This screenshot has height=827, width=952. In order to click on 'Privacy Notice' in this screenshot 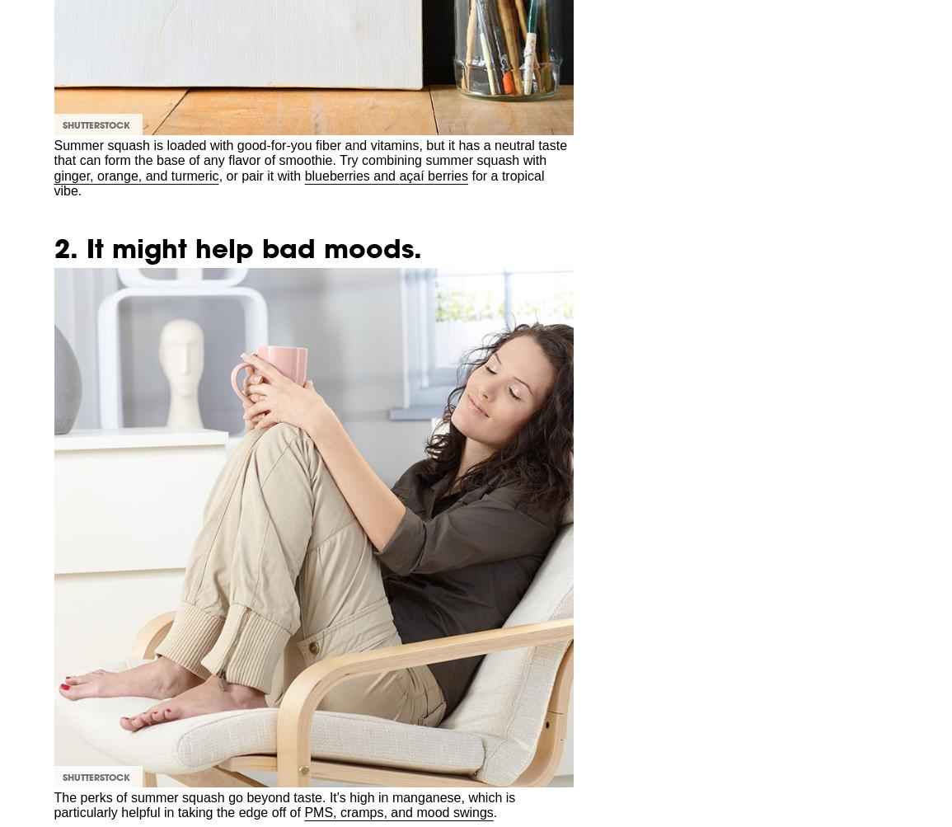, I will do `click(69, 248)`.